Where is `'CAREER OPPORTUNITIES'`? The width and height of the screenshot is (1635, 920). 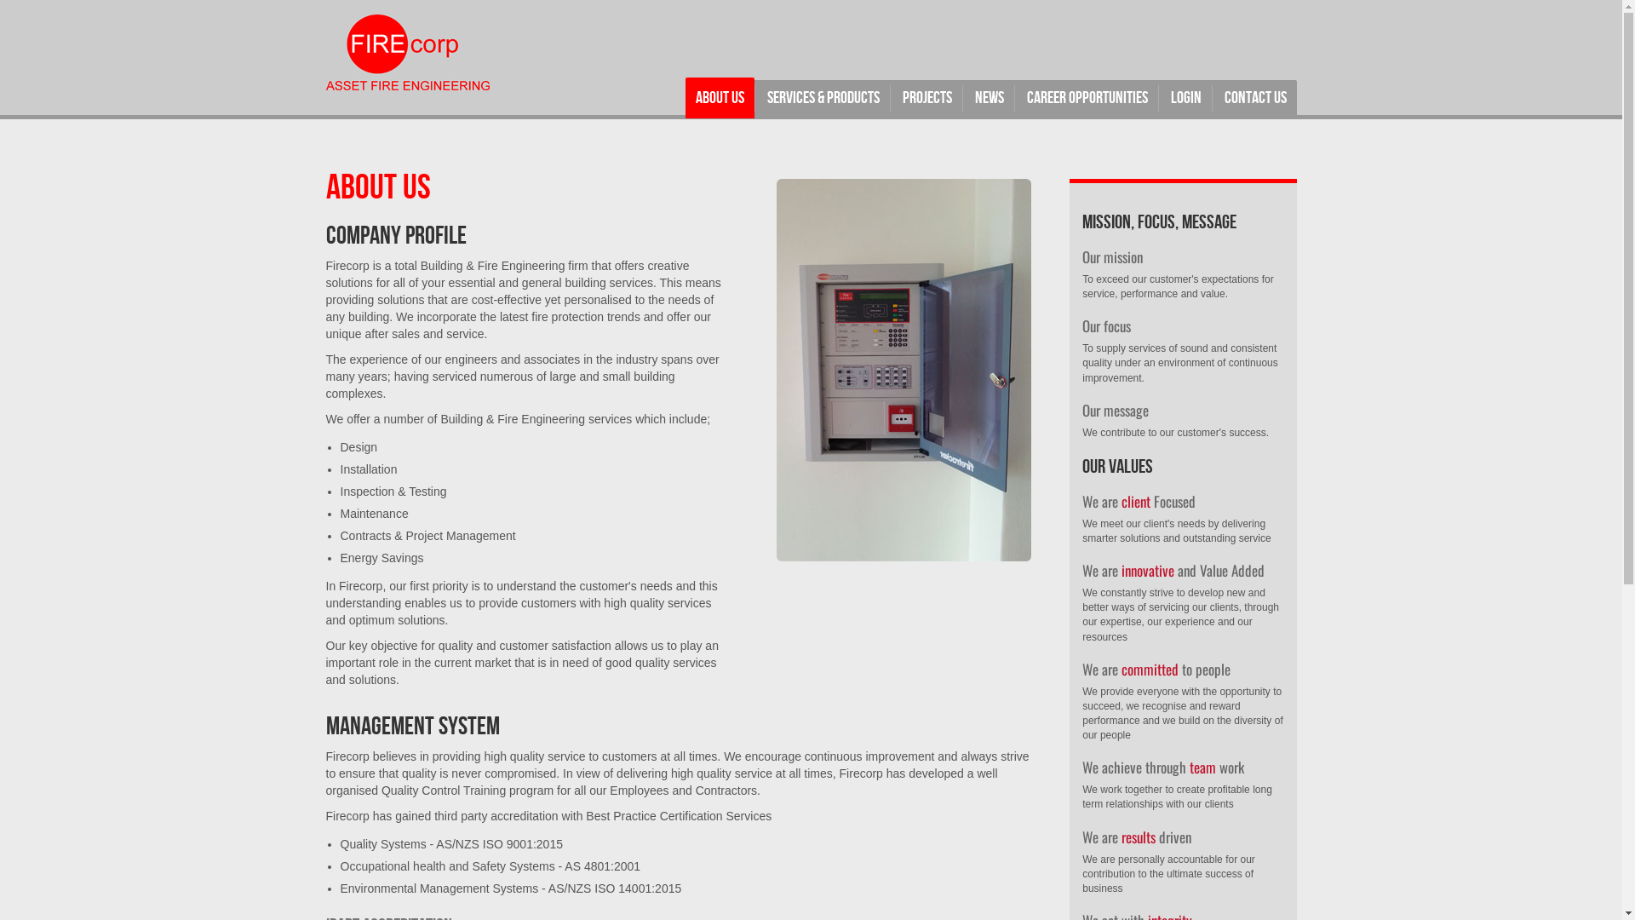 'CAREER OPPORTUNITIES' is located at coordinates (1086, 98).